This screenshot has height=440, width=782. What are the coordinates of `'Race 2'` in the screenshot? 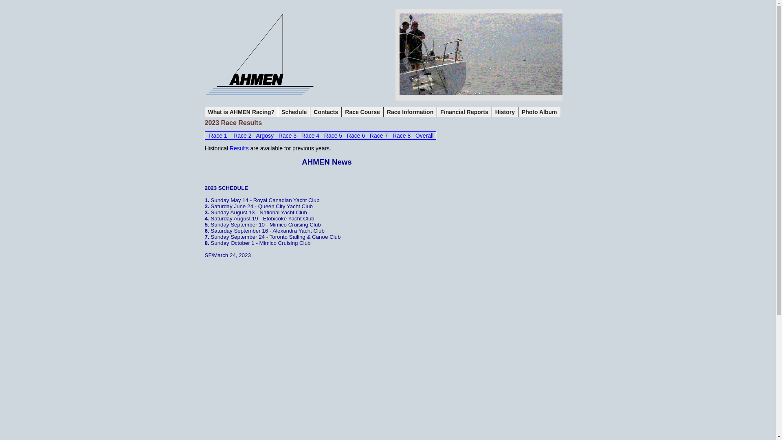 It's located at (242, 135).